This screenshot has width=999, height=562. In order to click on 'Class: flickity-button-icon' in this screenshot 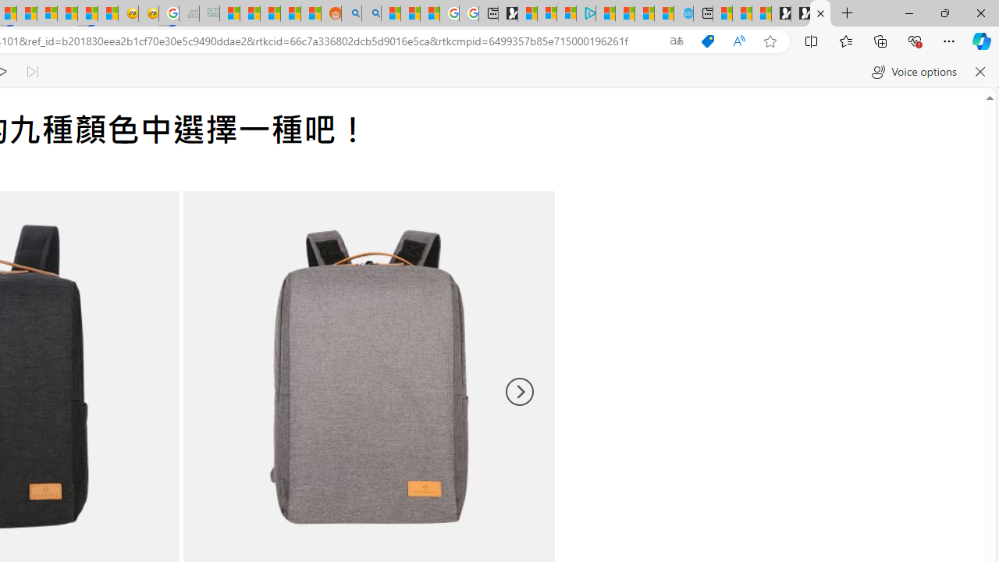, I will do `click(518, 391)`.